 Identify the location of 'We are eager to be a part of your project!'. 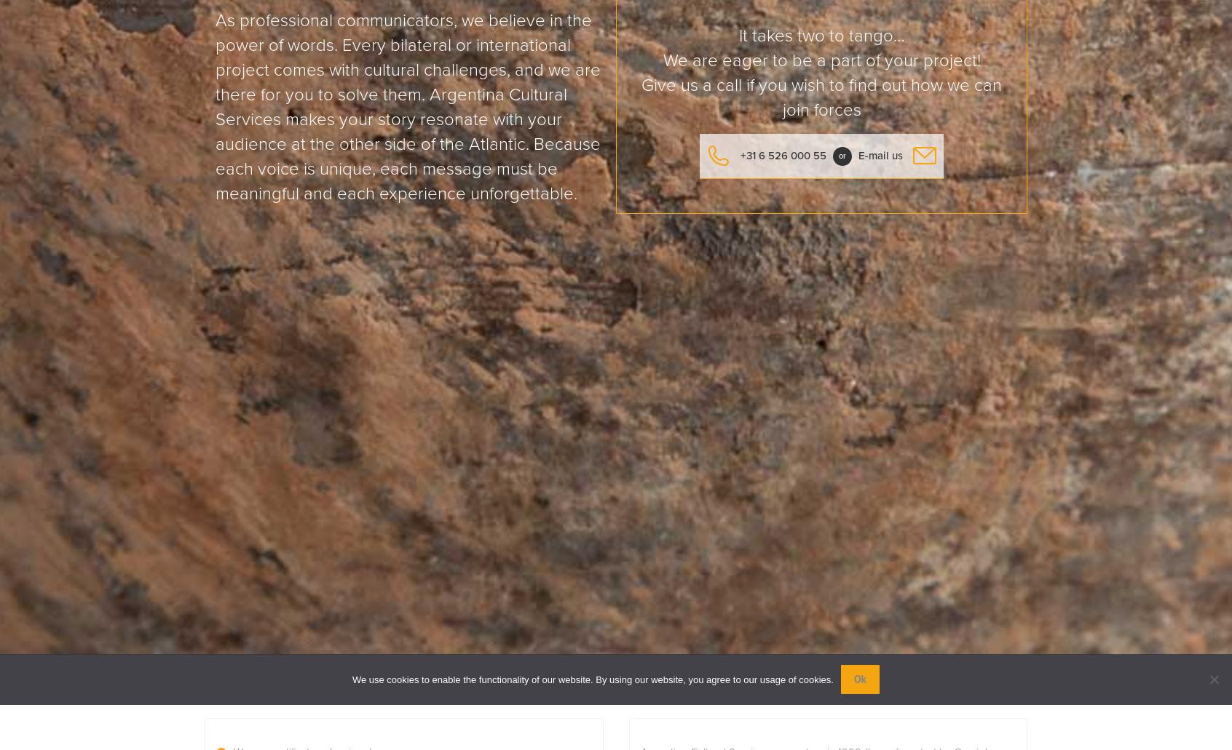
(821, 60).